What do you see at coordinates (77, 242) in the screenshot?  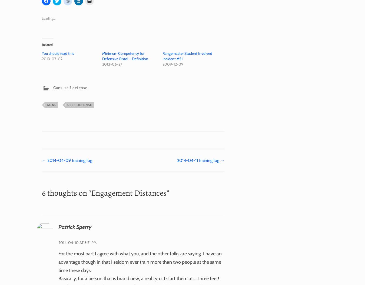 I see `'2014-04-10 at 5:21 pm'` at bounding box center [77, 242].